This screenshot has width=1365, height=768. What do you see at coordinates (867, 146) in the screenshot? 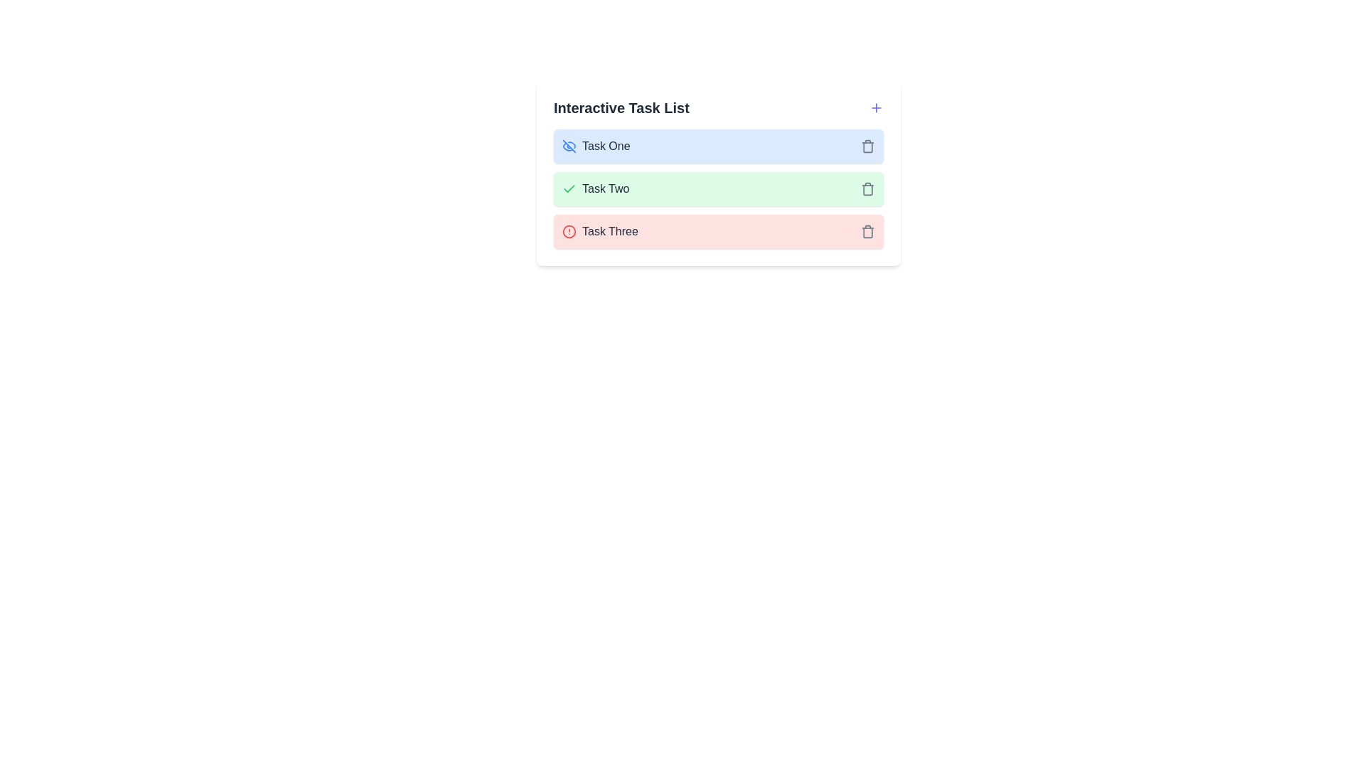
I see `the trash can icon located in the top-right corner of the first task row, adjacent to the text 'Task One'` at bounding box center [867, 146].